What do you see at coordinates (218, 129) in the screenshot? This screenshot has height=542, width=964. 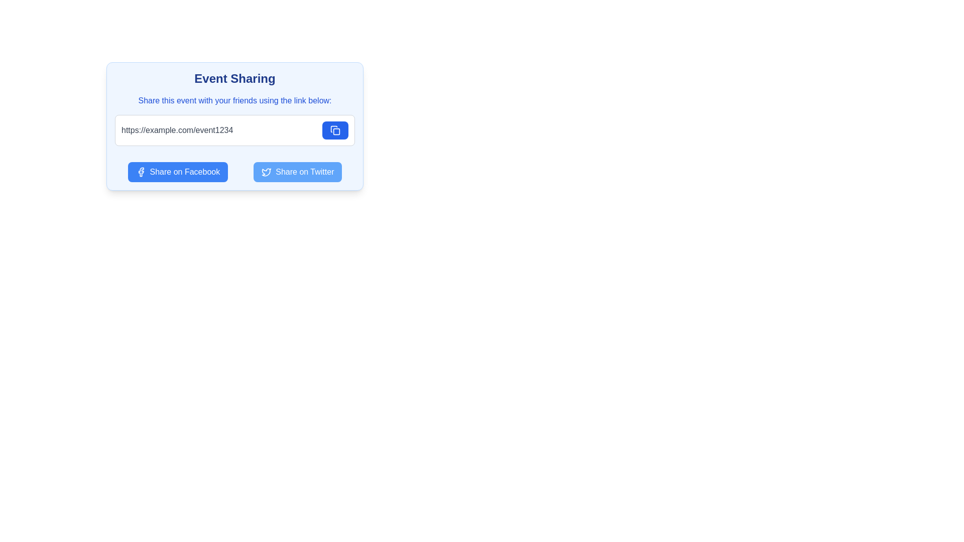 I see `the text input field displaying the URL 'https://example.com/event1234'` at bounding box center [218, 129].